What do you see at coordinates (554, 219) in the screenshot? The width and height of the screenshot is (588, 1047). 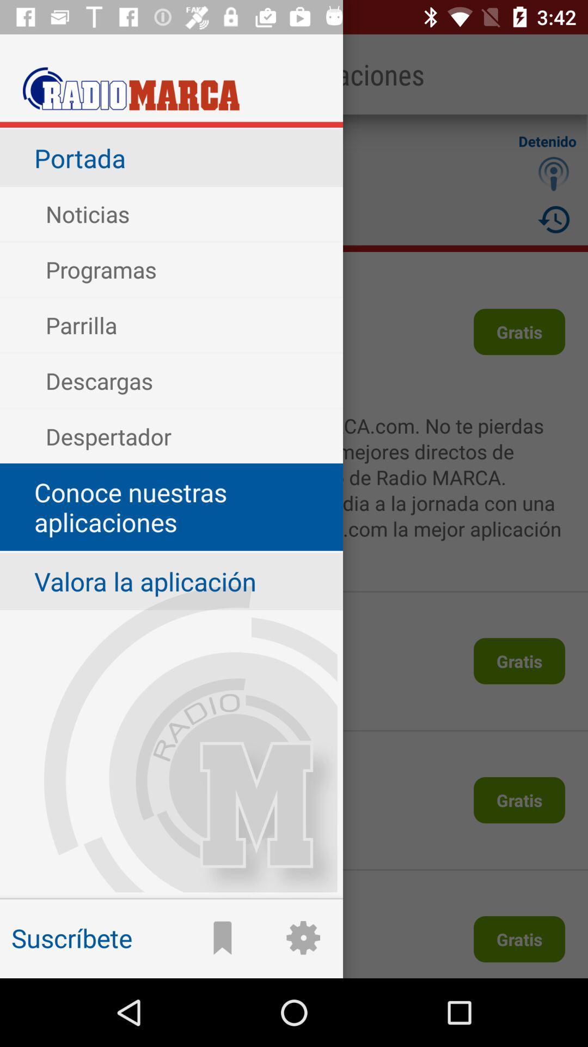 I see `the history icon` at bounding box center [554, 219].